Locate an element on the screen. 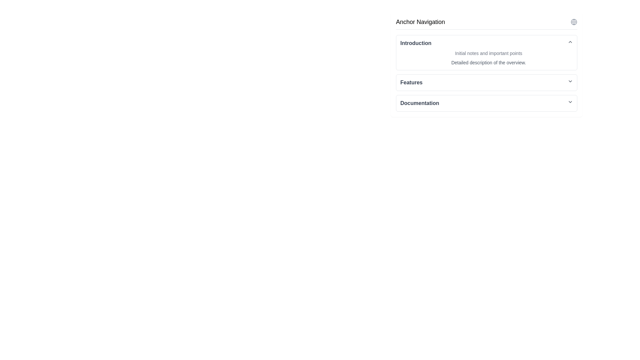 This screenshot has width=640, height=360. text content of the 'Documentation' label displayed in bold, medium-sized sans-serif font within the collapsible section in the 'Anchor Navigation' sidebar is located at coordinates (419, 103).